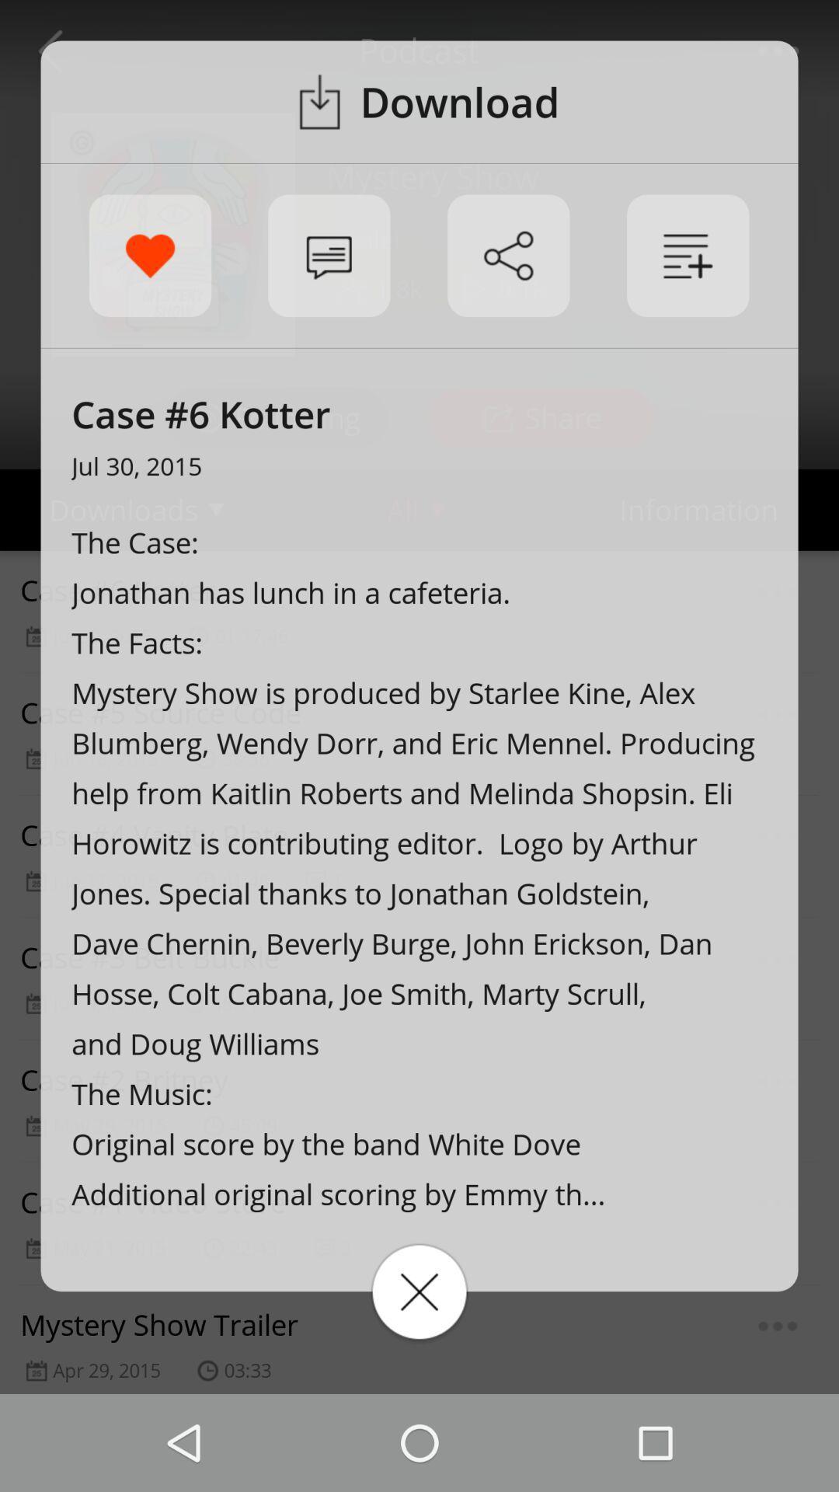  What do you see at coordinates (508, 256) in the screenshot?
I see `share` at bounding box center [508, 256].